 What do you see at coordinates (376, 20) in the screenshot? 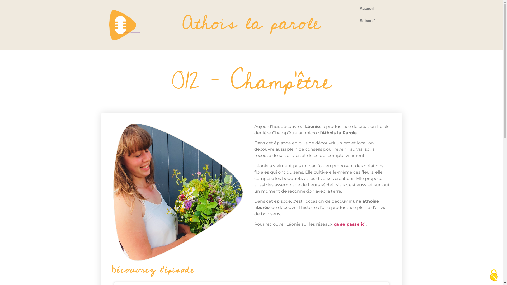
I see `'Saison 1'` at bounding box center [376, 20].